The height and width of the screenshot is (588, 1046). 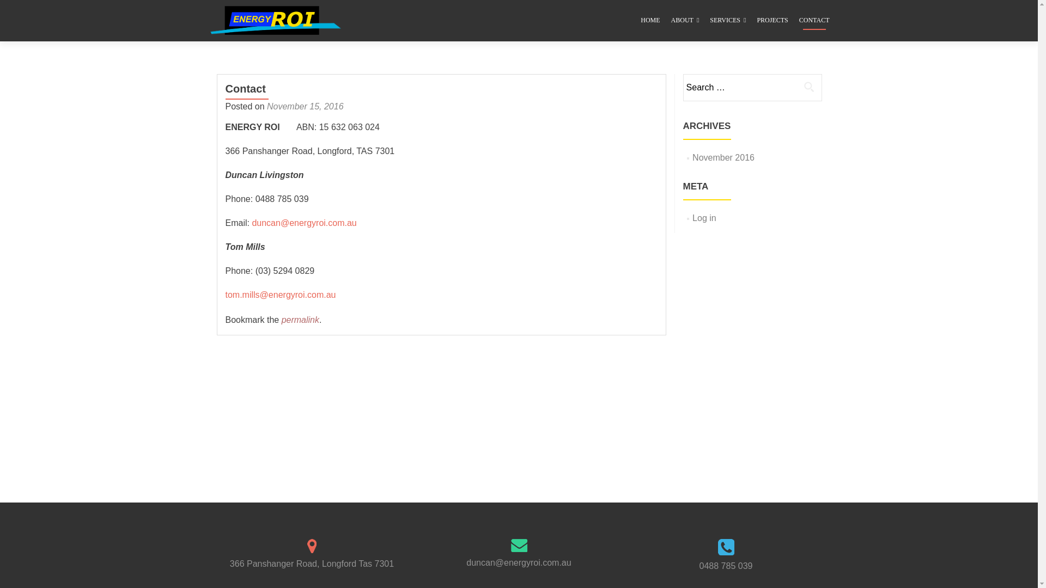 What do you see at coordinates (814, 20) in the screenshot?
I see `'CONTACT'` at bounding box center [814, 20].